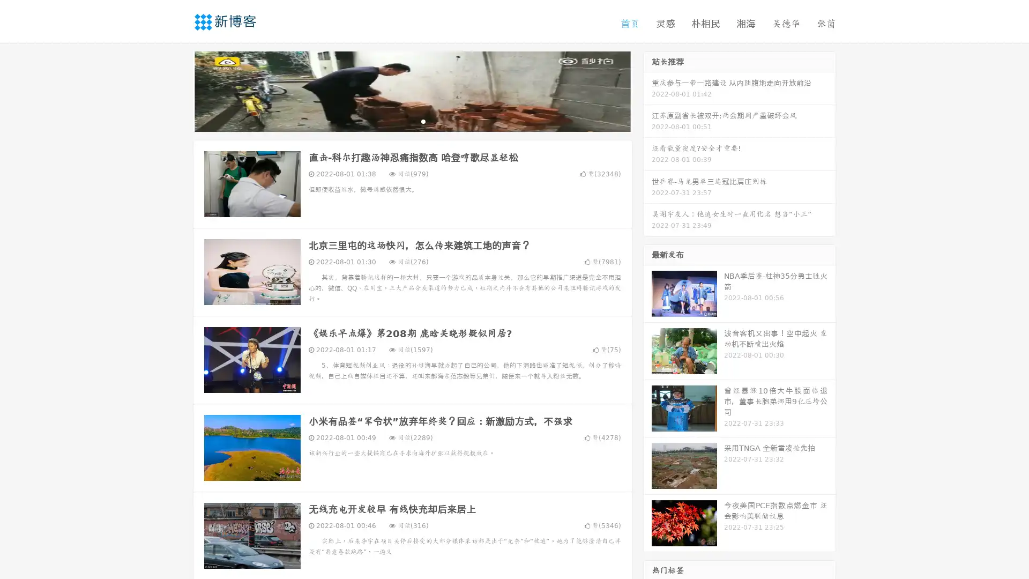  What do you see at coordinates (423, 121) in the screenshot?
I see `Go to slide 3` at bounding box center [423, 121].